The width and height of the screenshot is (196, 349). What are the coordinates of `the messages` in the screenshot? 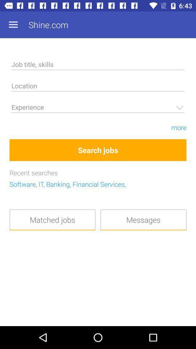 It's located at (143, 219).